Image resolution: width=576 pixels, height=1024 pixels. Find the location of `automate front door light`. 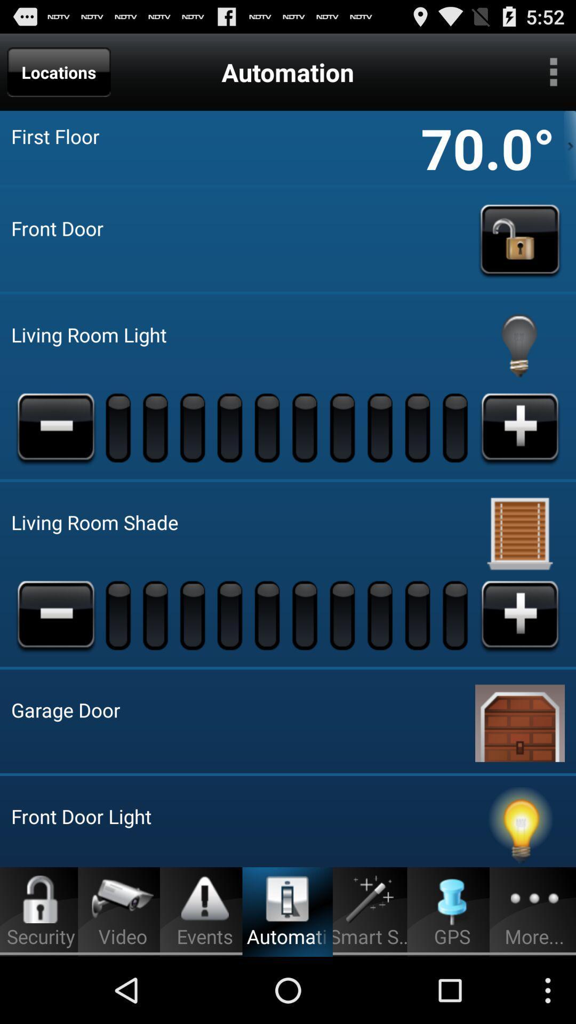

automate front door light is located at coordinates (519, 826).